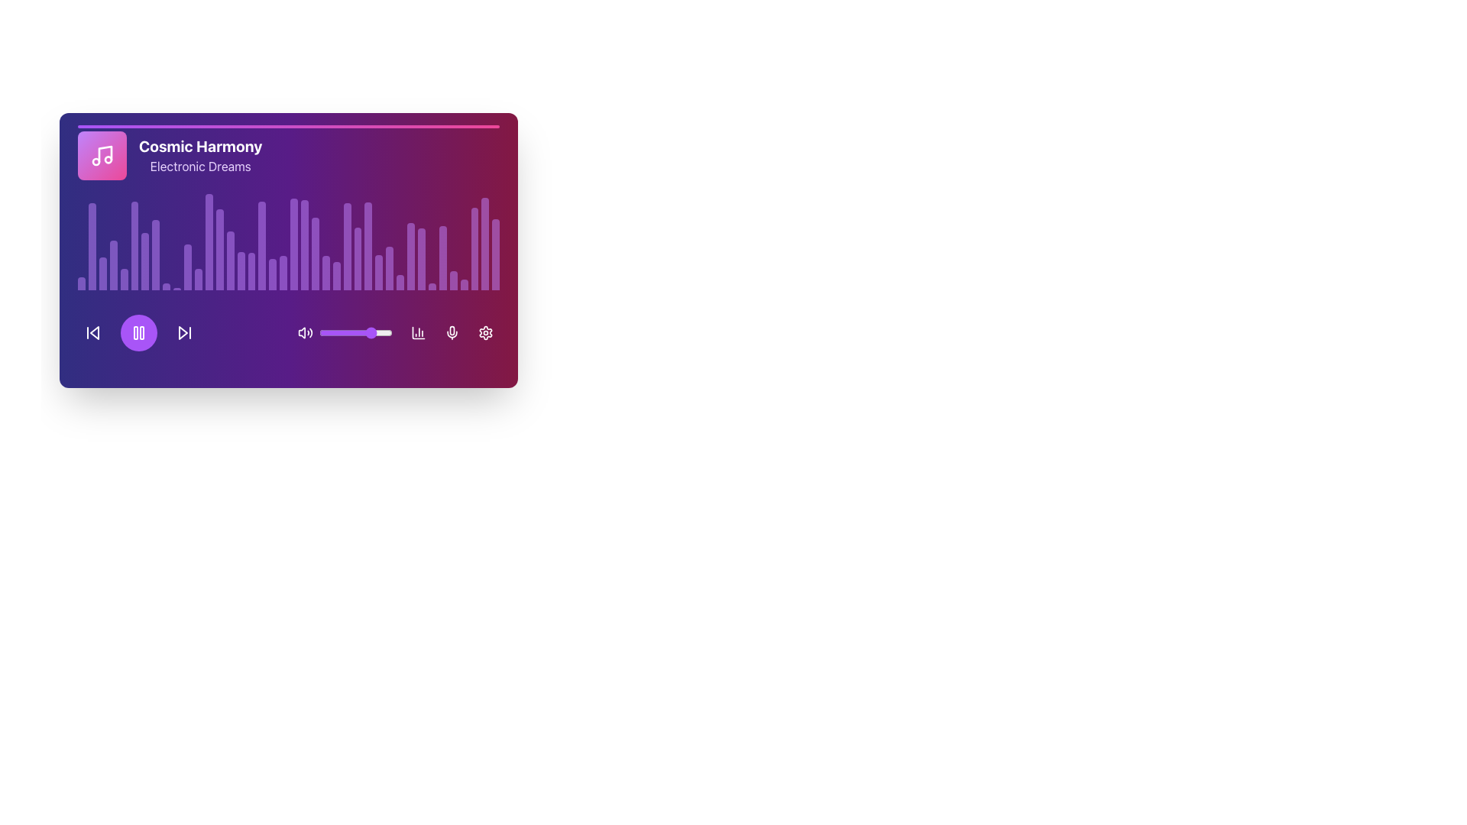 This screenshot has width=1467, height=825. Describe the element at coordinates (139, 332) in the screenshot. I see `the circular button with a purple background and white pause bars icon` at that location.